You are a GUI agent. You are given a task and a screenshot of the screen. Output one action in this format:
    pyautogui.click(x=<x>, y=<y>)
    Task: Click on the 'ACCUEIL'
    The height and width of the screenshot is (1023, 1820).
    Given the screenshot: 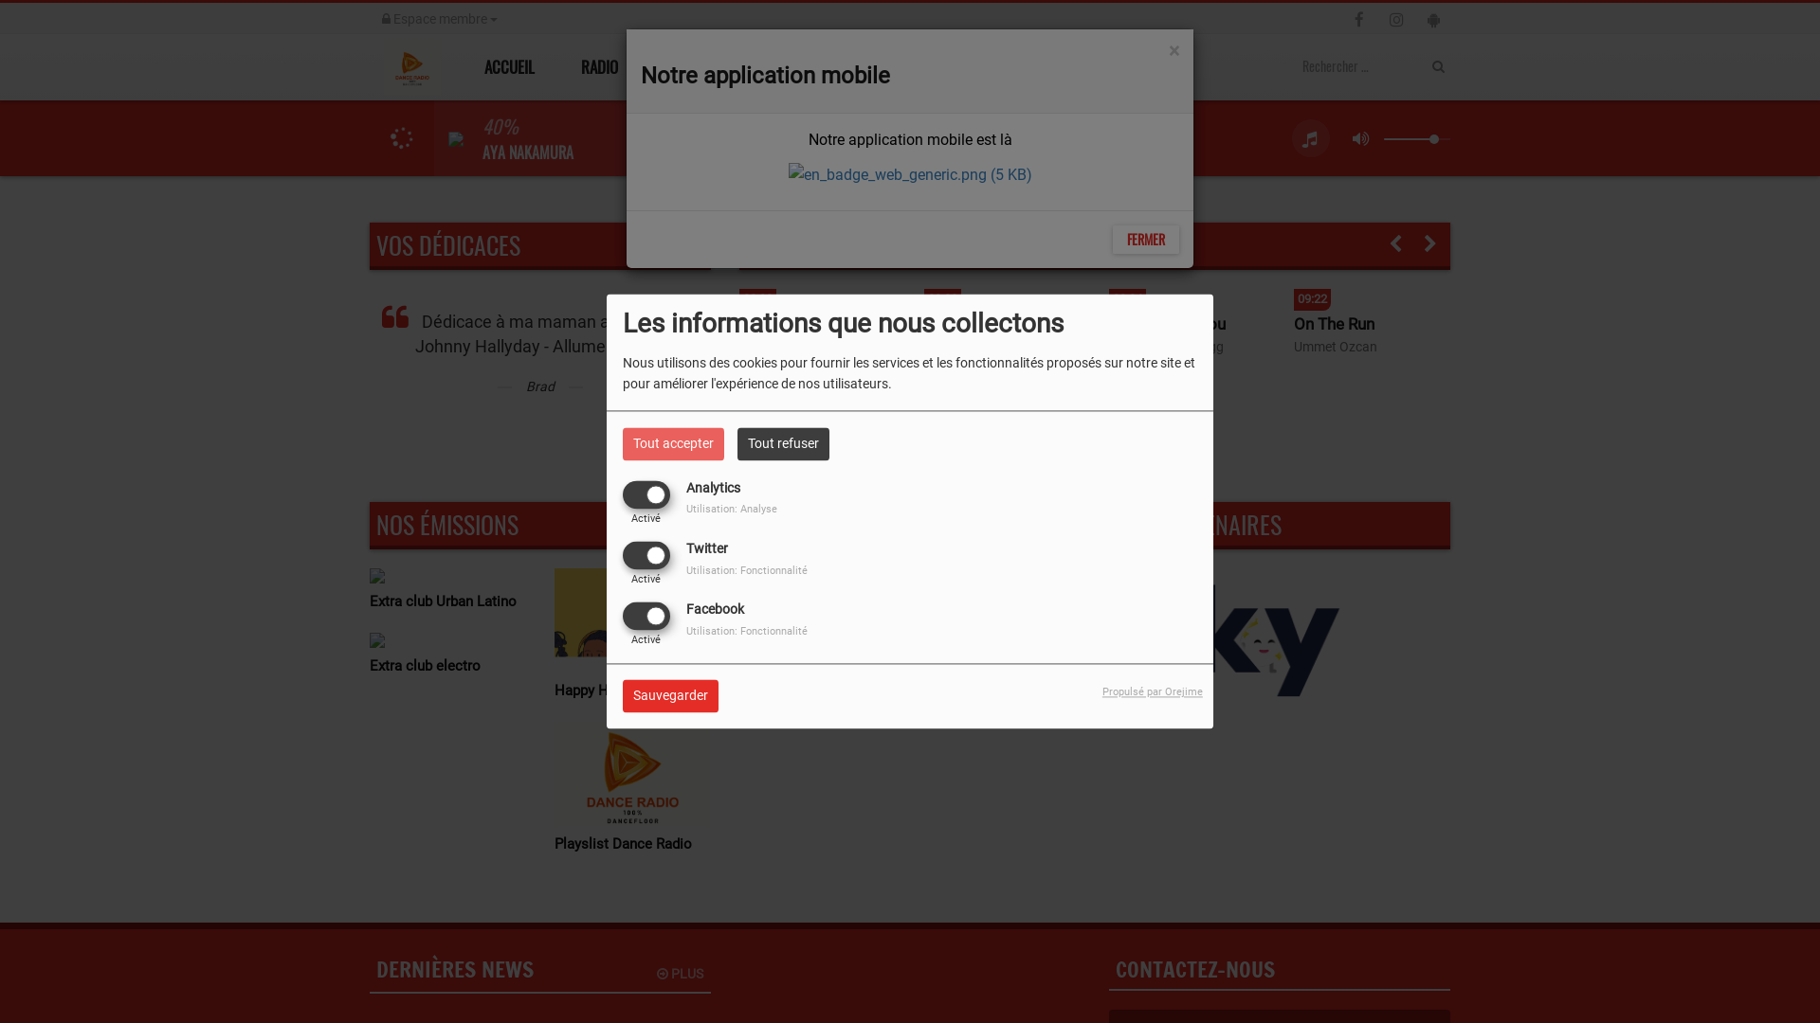 What is the action you would take?
    pyautogui.click(x=507, y=65)
    